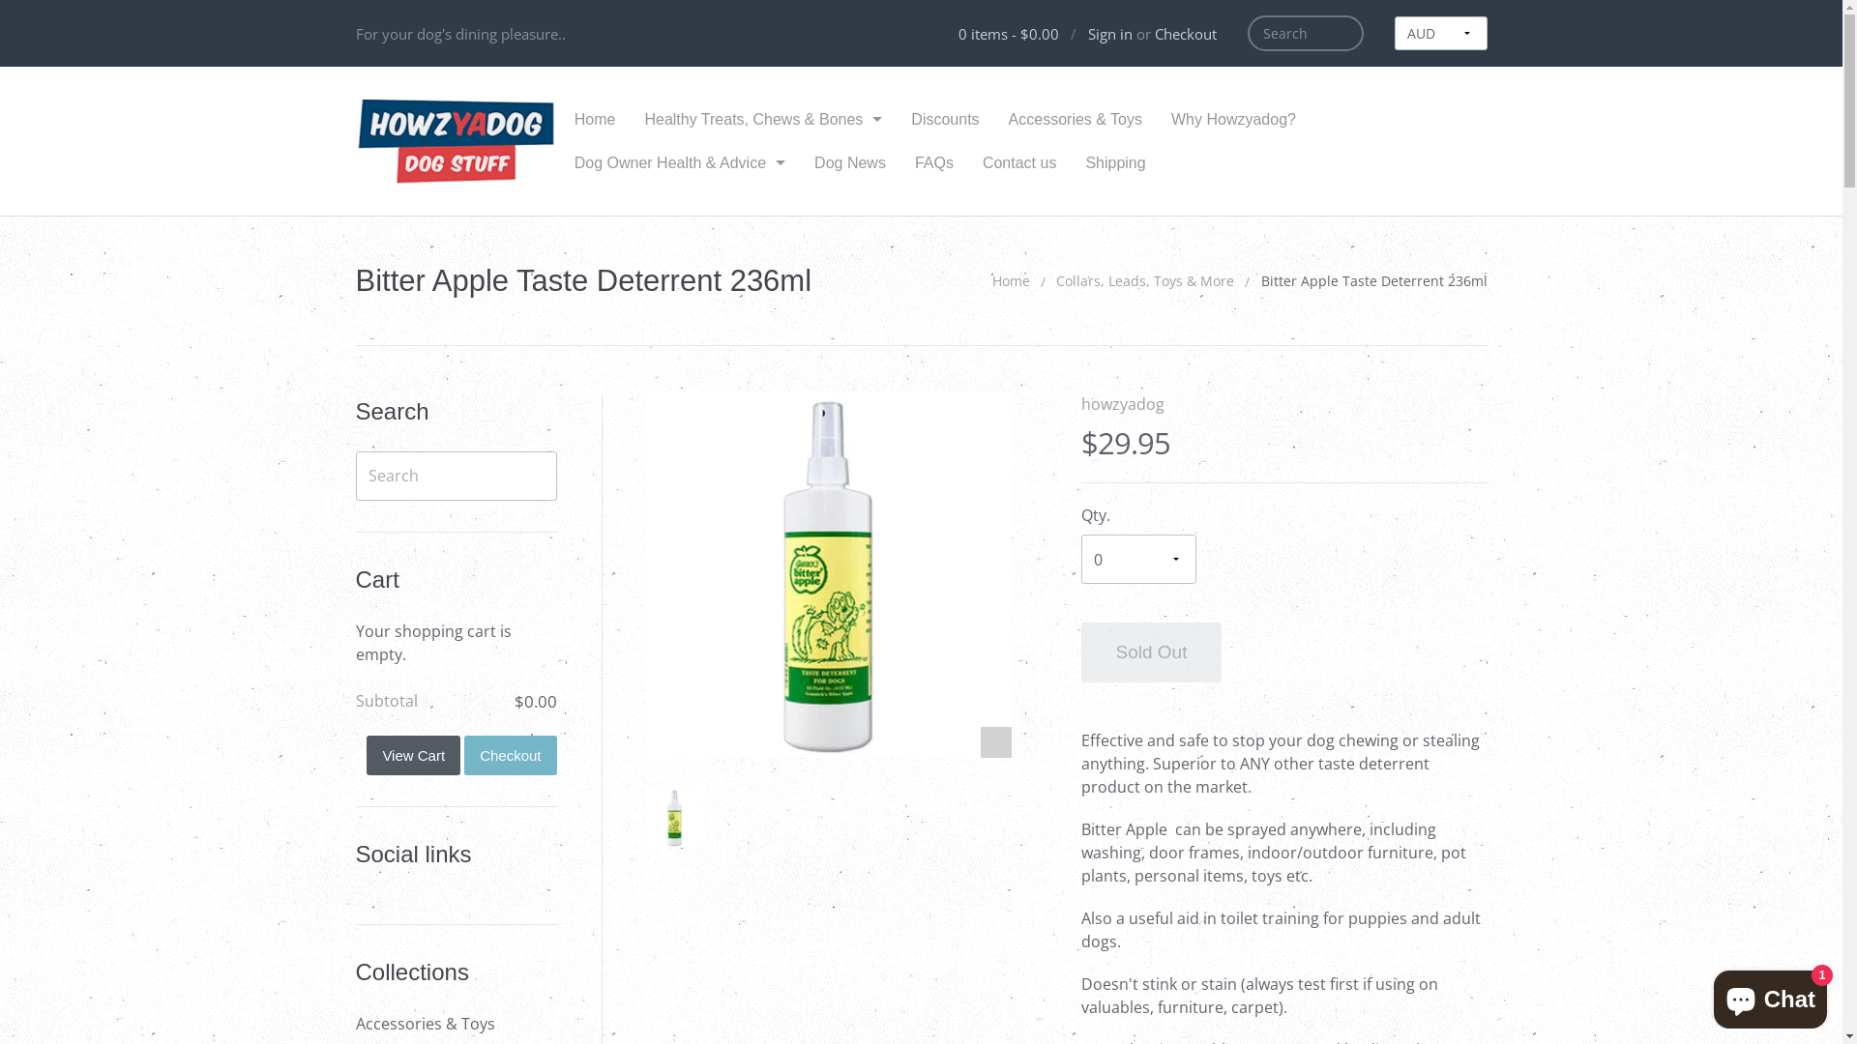 This screenshot has height=1044, width=1857. Describe the element at coordinates (849, 161) in the screenshot. I see `'Dog News'` at that location.